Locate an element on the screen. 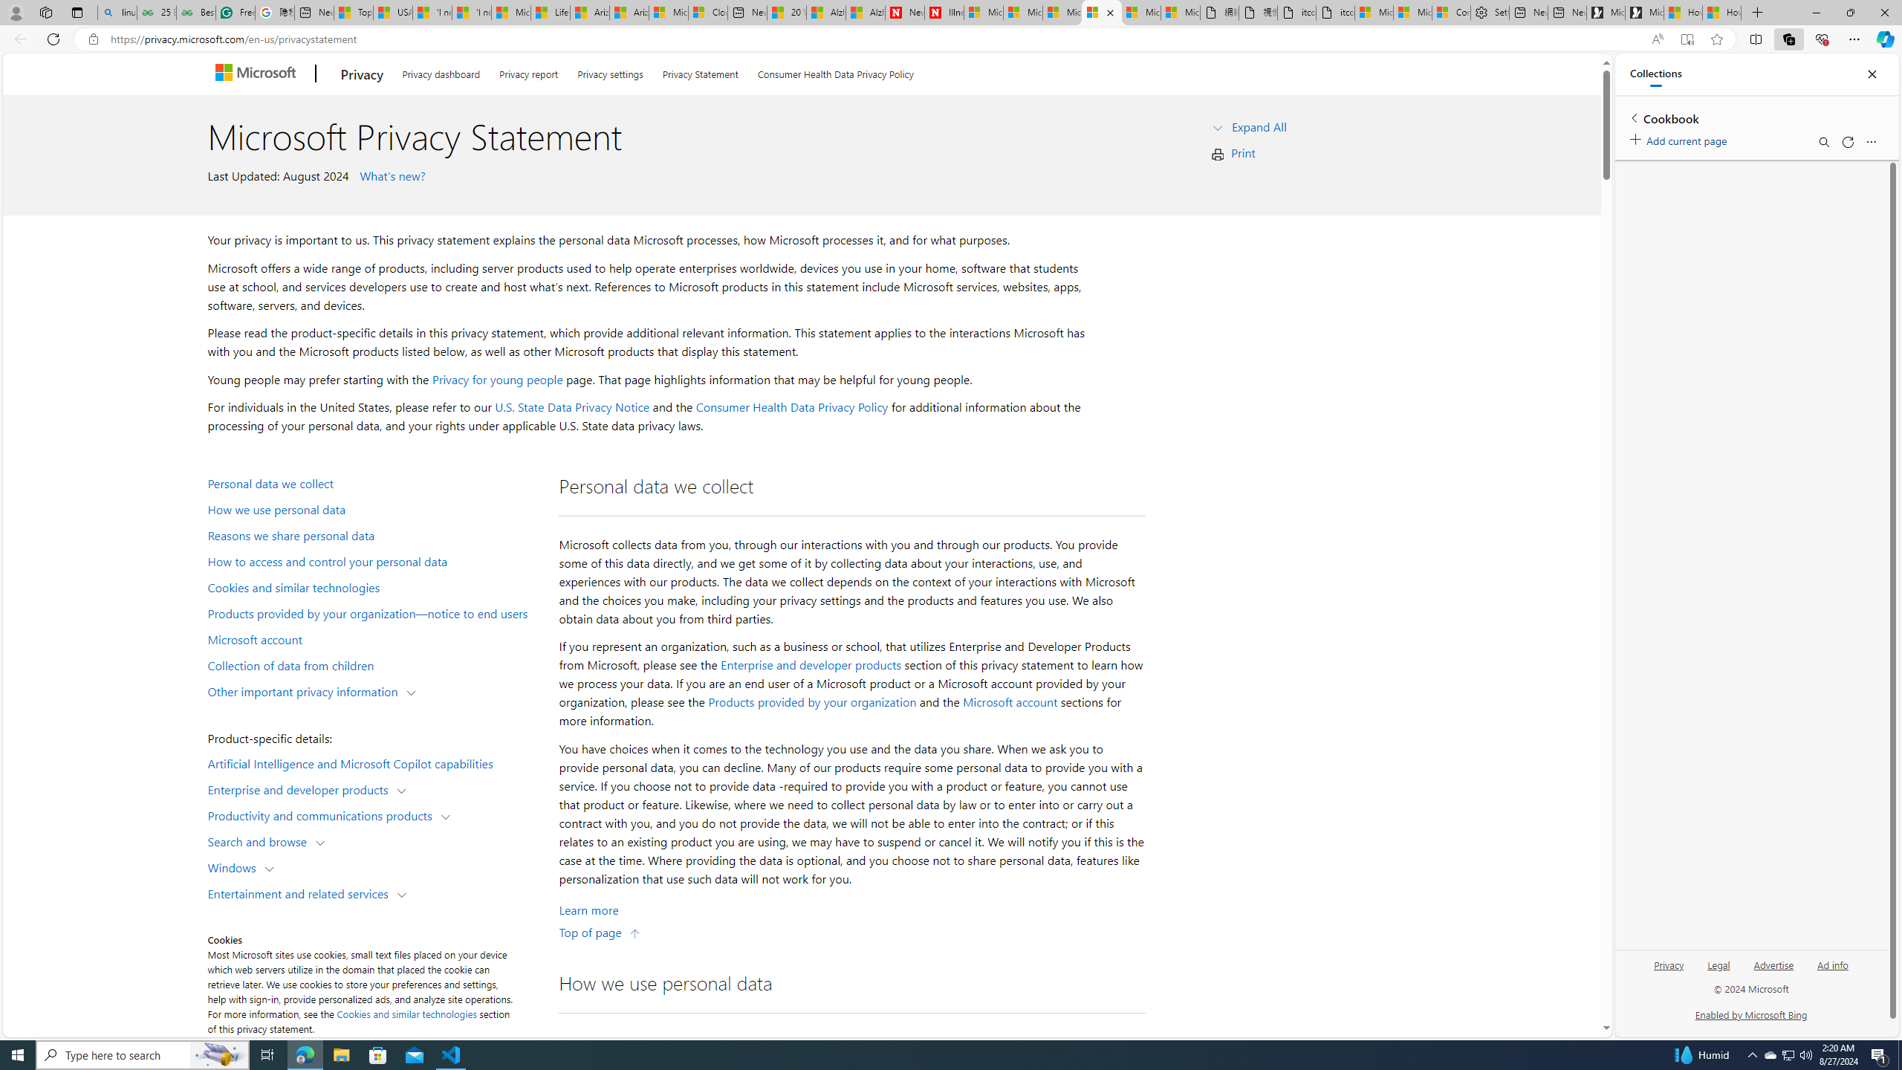 This screenshot has height=1070, width=1902. 'Learn More about Personal data we collect' is located at coordinates (588, 910).